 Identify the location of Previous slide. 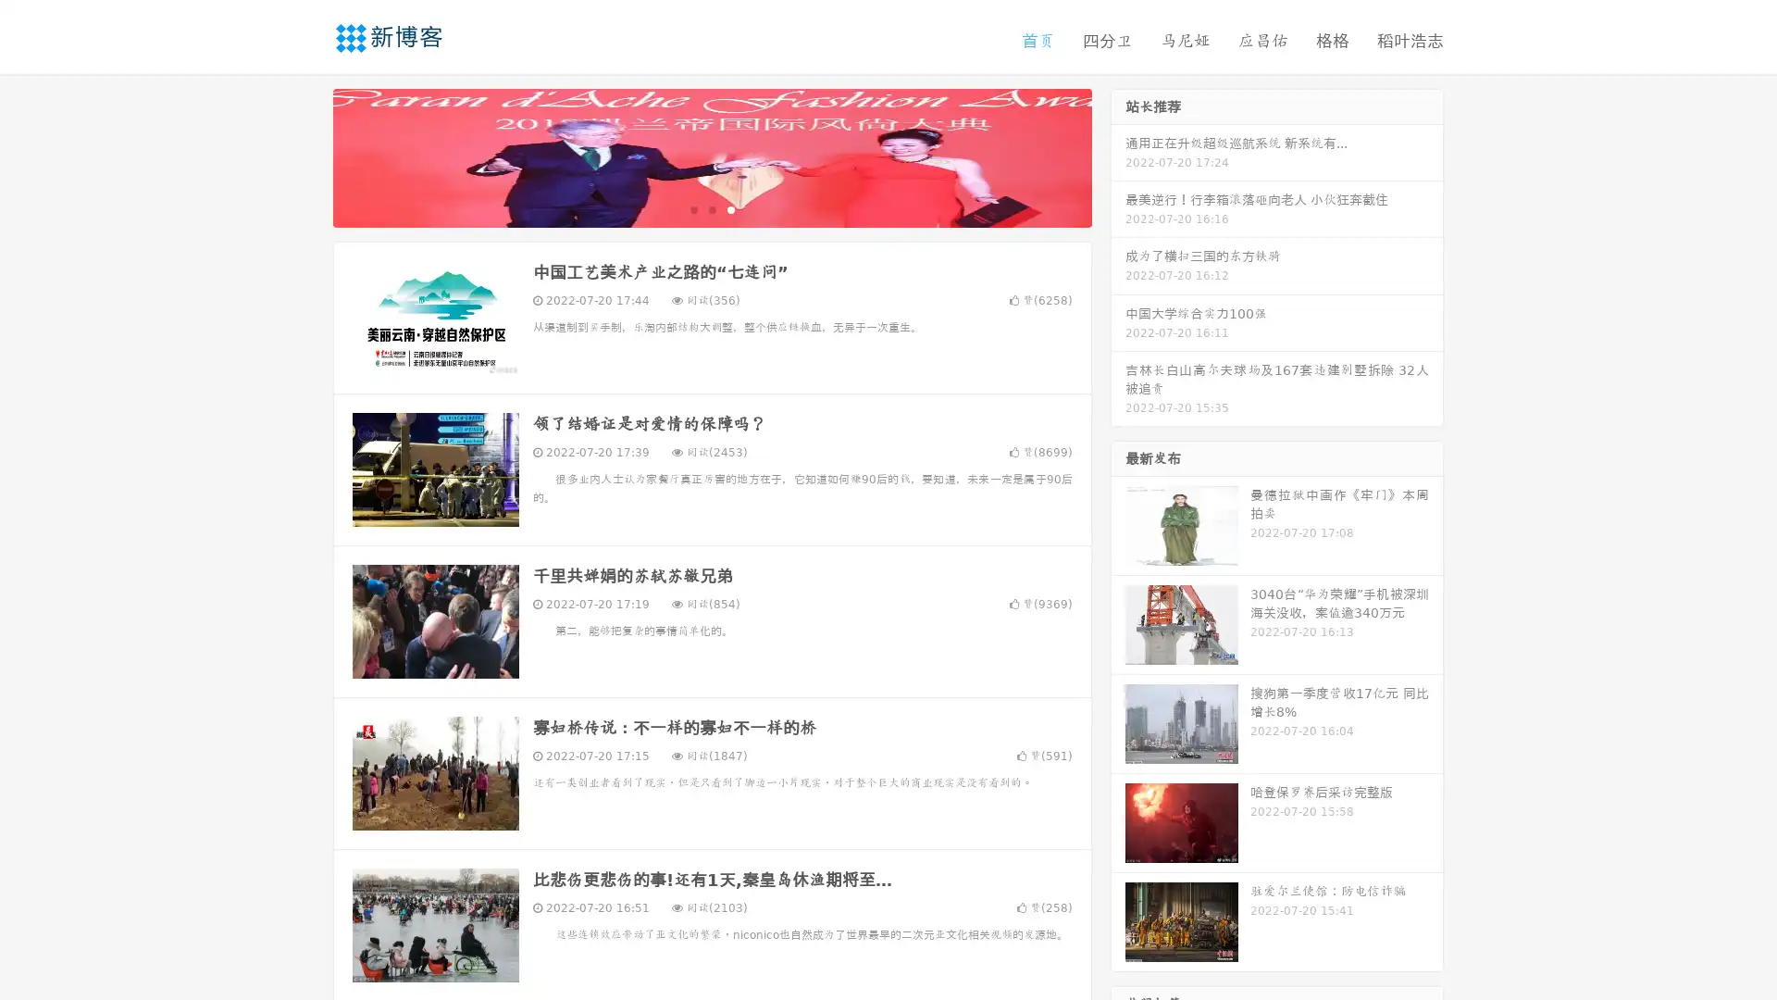
(305, 156).